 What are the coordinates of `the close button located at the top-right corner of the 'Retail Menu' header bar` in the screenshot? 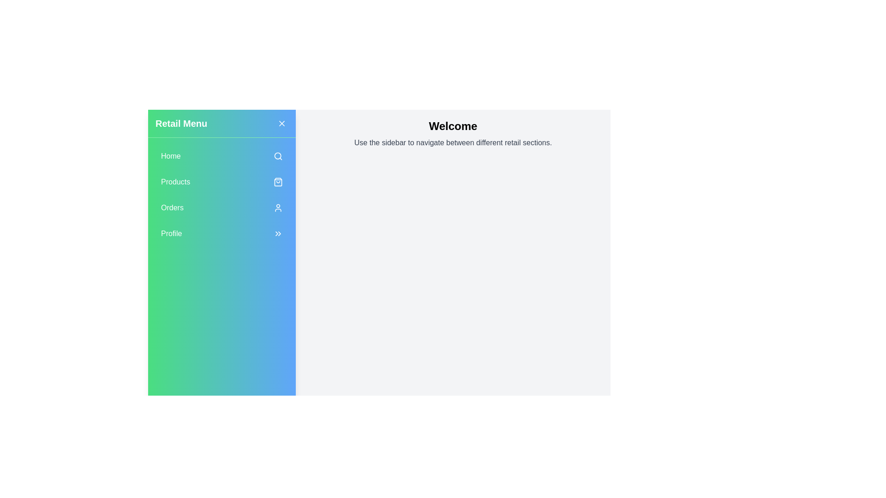 It's located at (281, 123).